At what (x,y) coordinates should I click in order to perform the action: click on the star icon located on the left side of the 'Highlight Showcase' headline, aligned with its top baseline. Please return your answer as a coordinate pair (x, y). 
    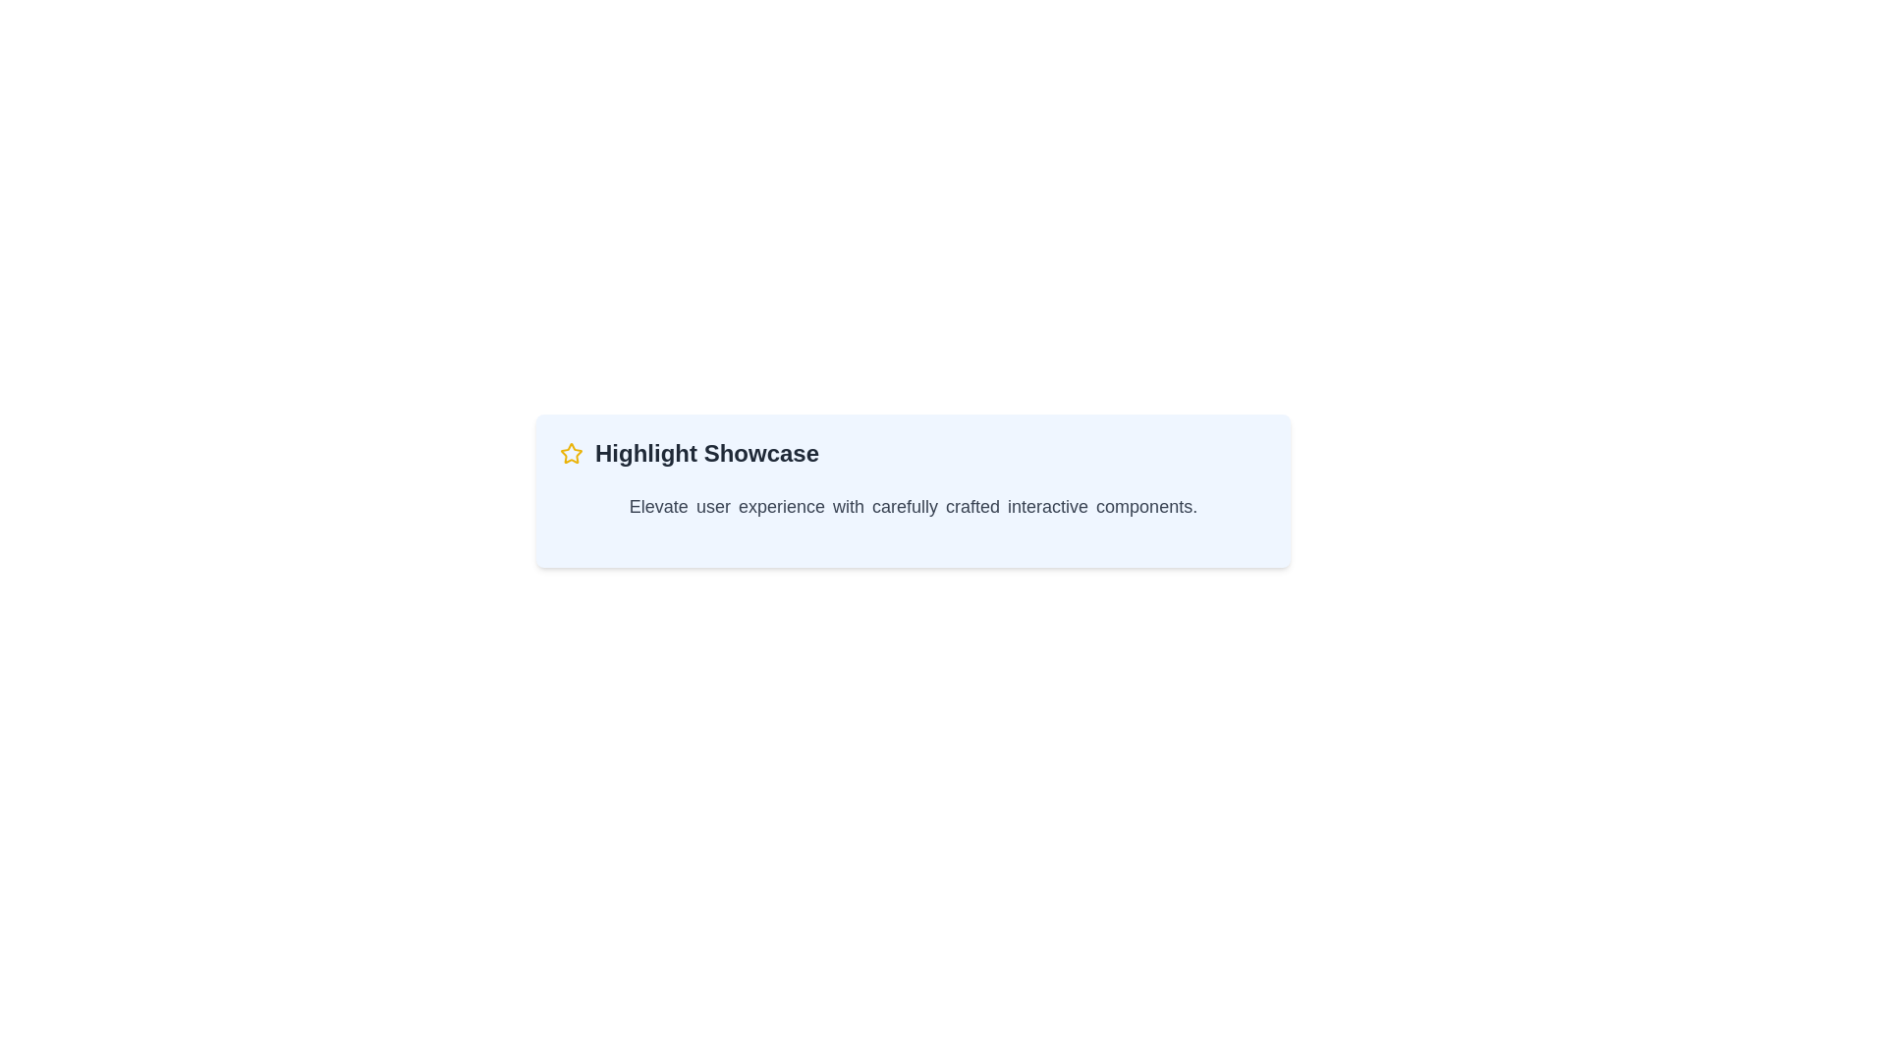
    Looking at the image, I should click on (570, 453).